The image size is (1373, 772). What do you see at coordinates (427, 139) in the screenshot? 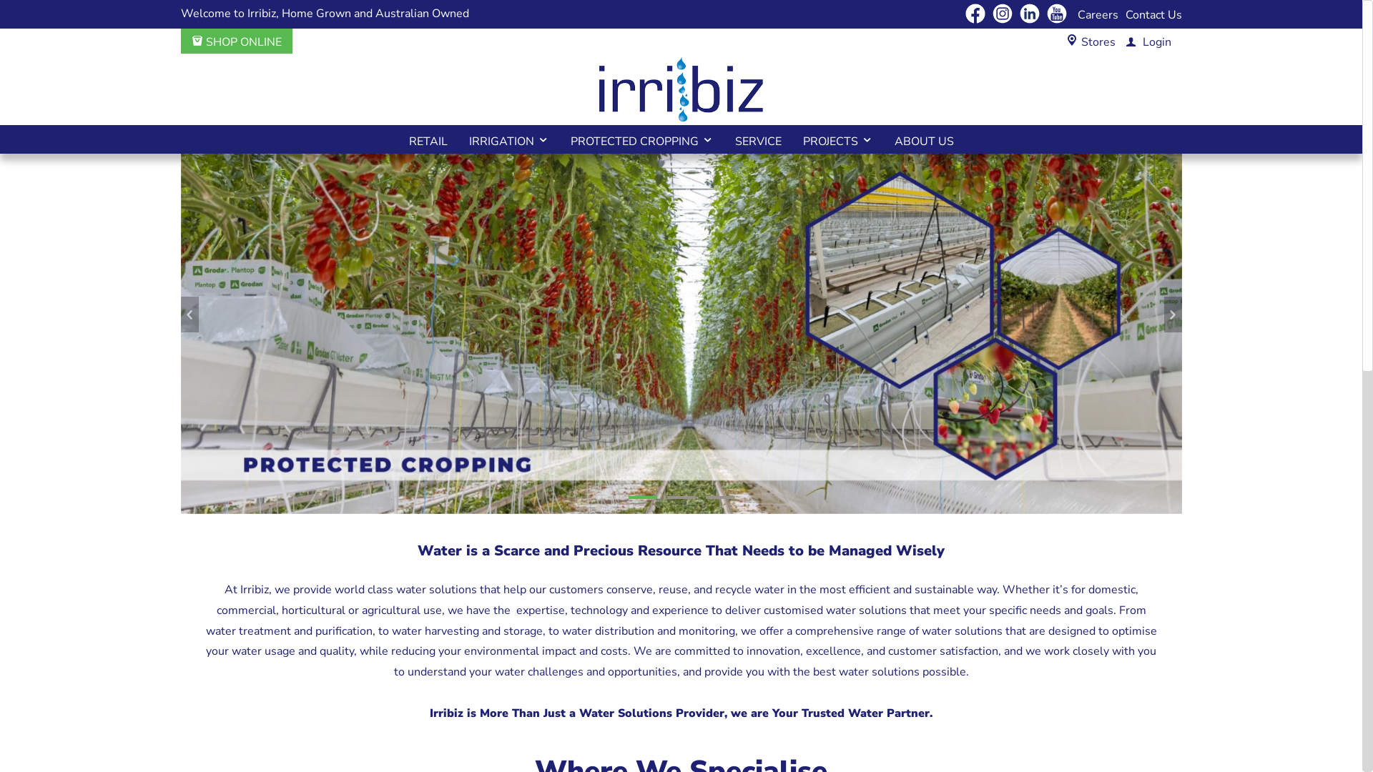
I see `'RETAIL'` at bounding box center [427, 139].